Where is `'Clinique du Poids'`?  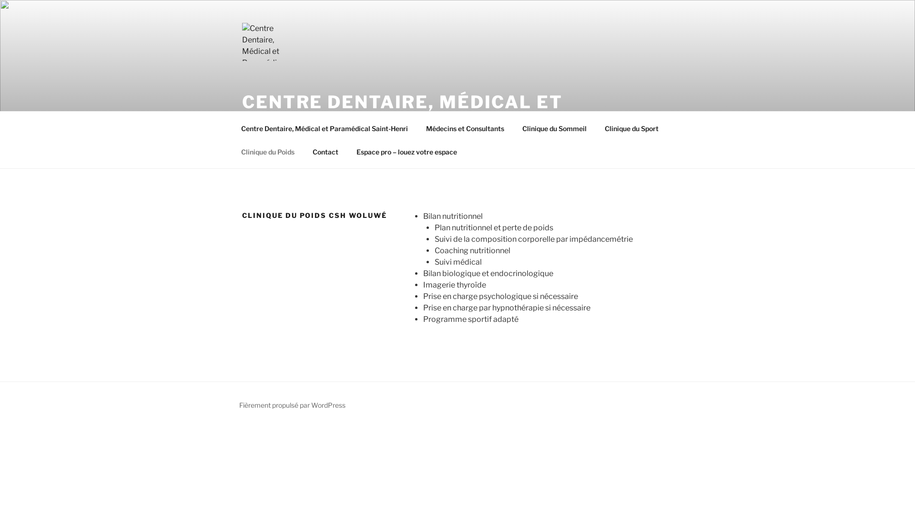
'Clinique du Poids' is located at coordinates (233, 151).